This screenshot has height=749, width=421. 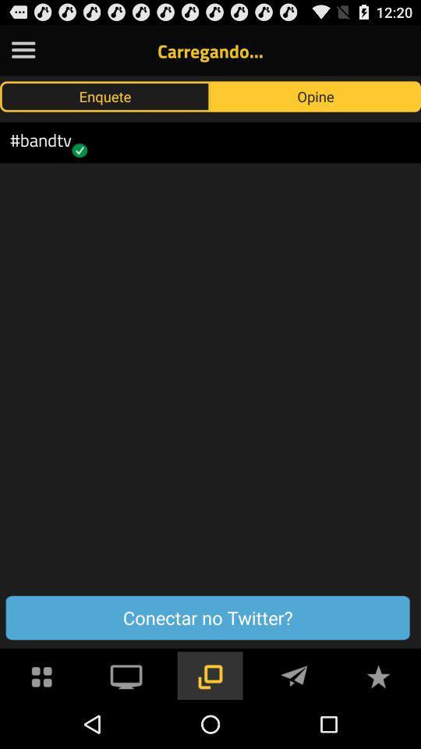 What do you see at coordinates (316, 95) in the screenshot?
I see `the icon to the right of the enquete` at bounding box center [316, 95].